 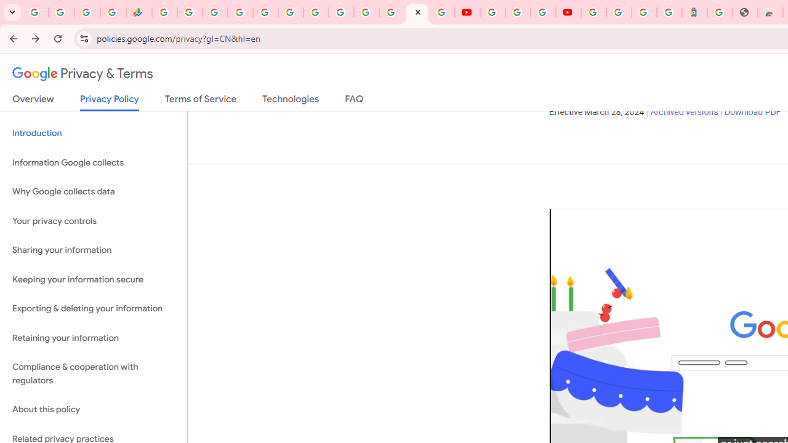 I want to click on 'Compliance & cooperation with regulators', so click(x=93, y=373).